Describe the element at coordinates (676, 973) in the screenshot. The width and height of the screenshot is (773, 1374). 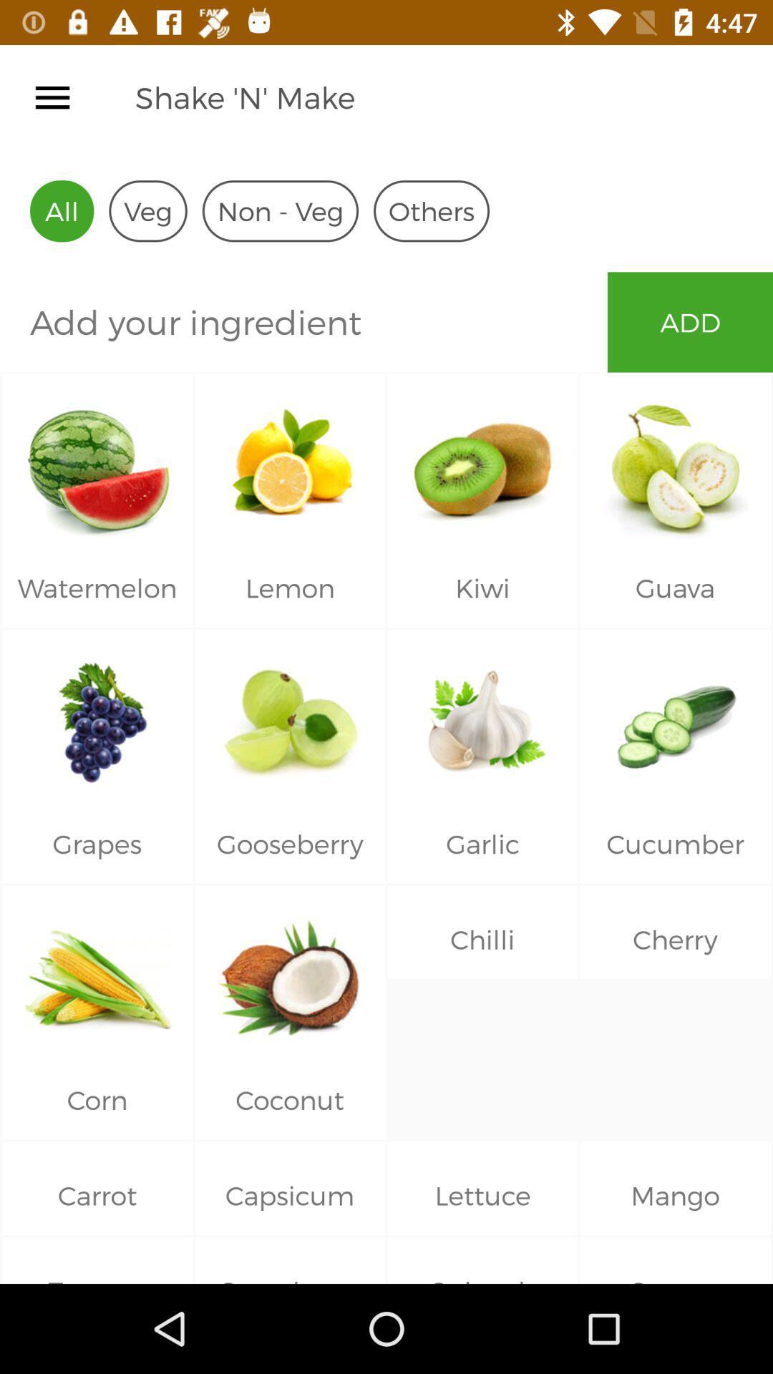
I see `cherry` at that location.